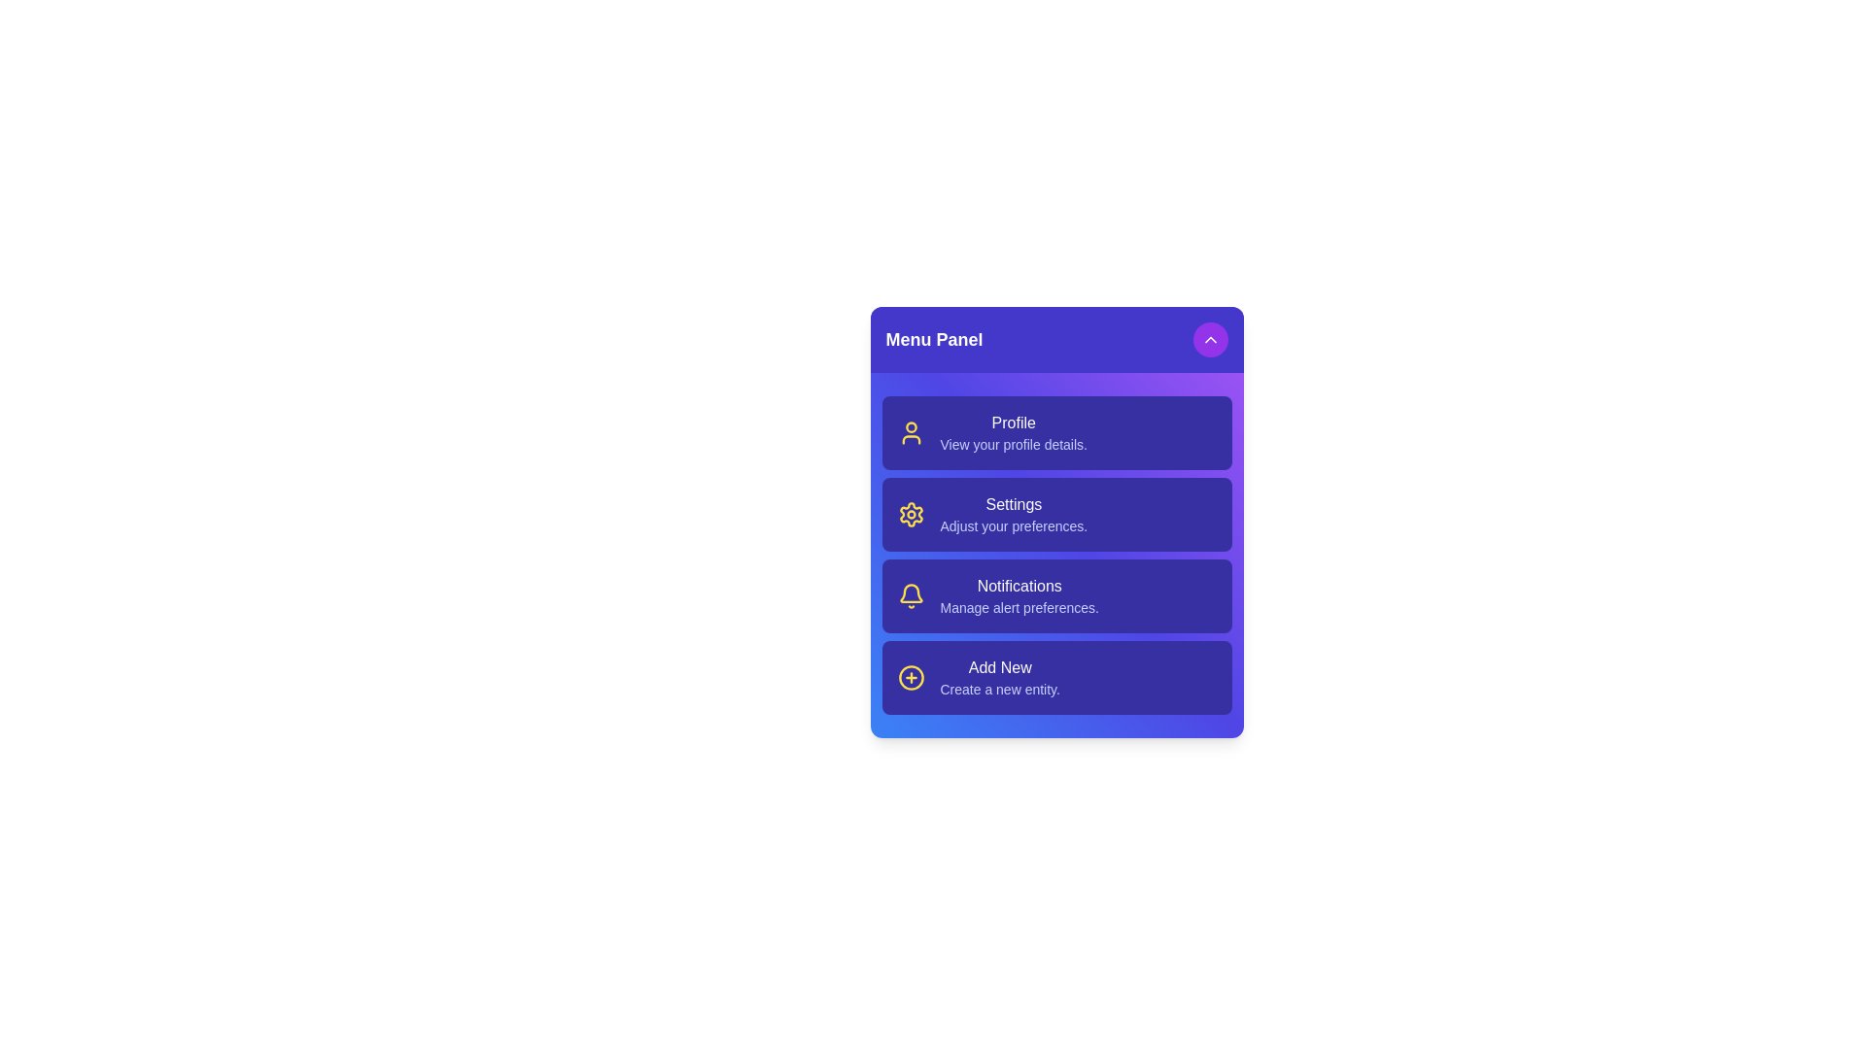 Image resolution: width=1866 pixels, height=1049 pixels. I want to click on the menu item Notifications to trigger its hover effect, so click(1055, 594).